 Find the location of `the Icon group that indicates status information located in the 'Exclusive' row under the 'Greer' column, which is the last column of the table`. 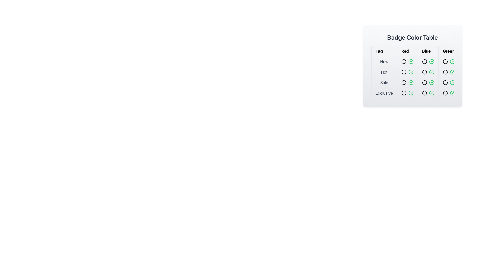

the Icon group that indicates status information located in the 'Exclusive' row under the 'Greer' column, which is the last column of the table is located at coordinates (448, 93).